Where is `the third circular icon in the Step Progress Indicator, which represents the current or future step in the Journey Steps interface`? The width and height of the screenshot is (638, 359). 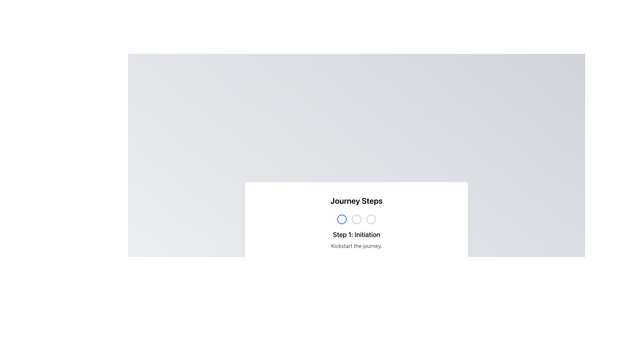 the third circular icon in the Step Progress Indicator, which represents the current or future step in the Journey Steps interface is located at coordinates (371, 219).